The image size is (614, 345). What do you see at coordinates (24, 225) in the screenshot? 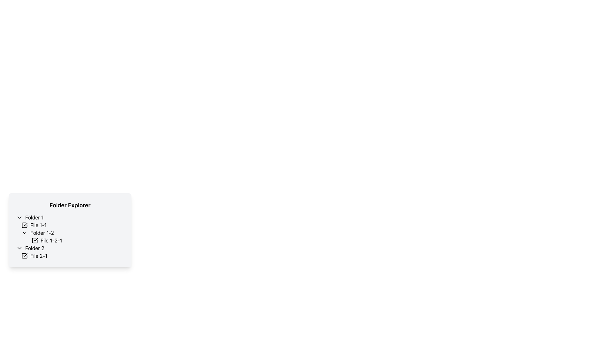
I see `the checkbox icon for 'File 1-1', which is part of a checkbox representation located in the top-left section of the UI, adjacent to the text label` at bounding box center [24, 225].